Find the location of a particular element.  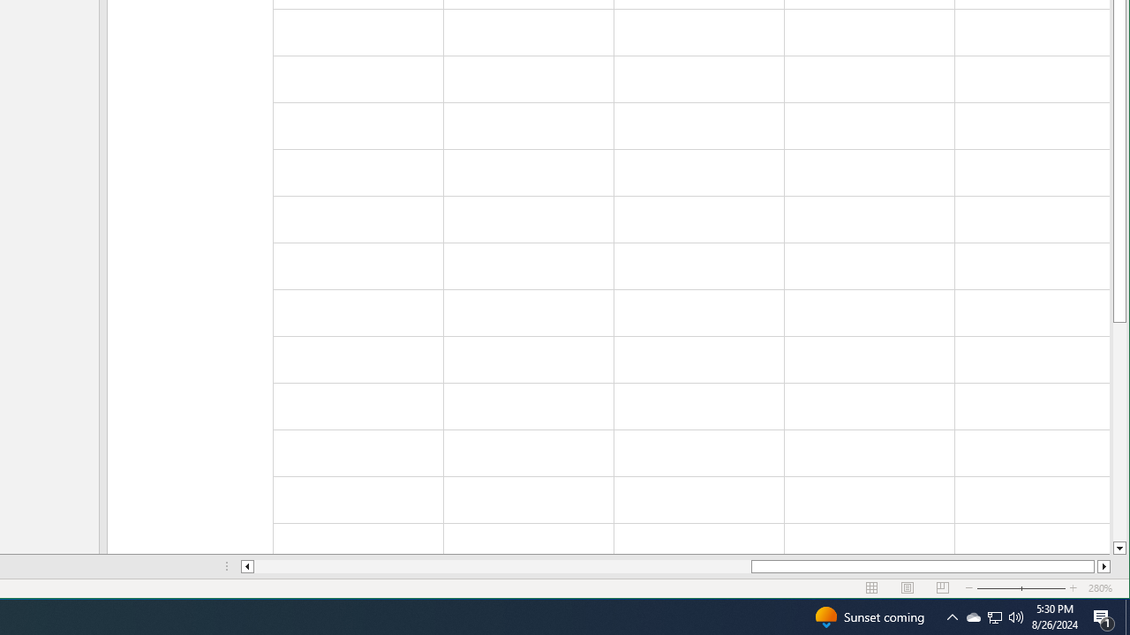

'Q2790: 100%' is located at coordinates (1016, 616).